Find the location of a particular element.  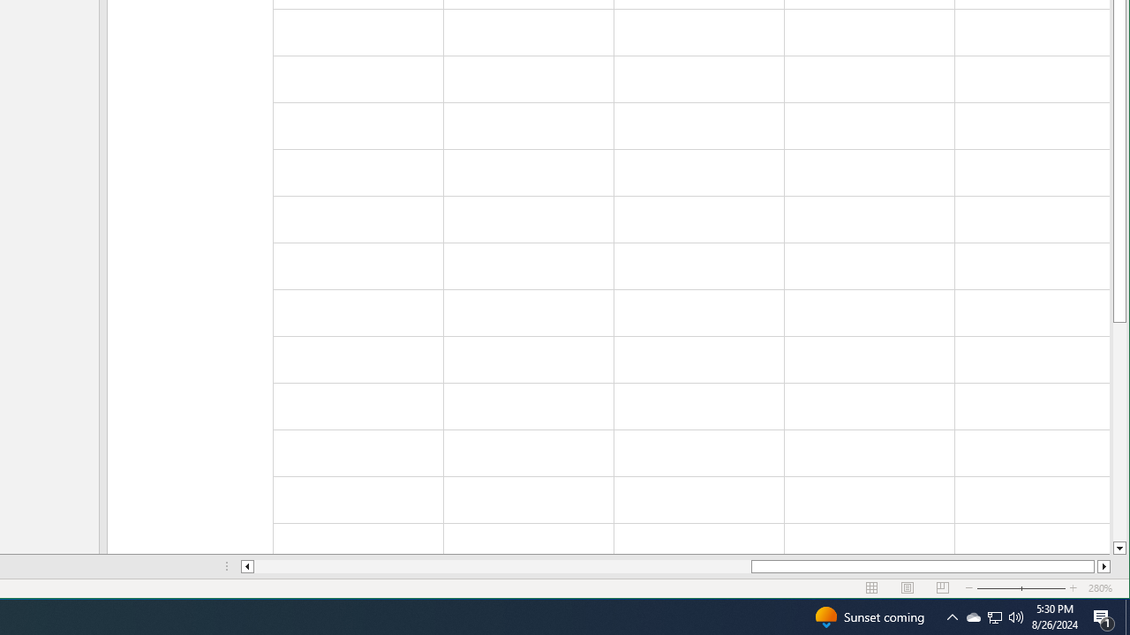

'Q2790: 100%' is located at coordinates (1016, 616).